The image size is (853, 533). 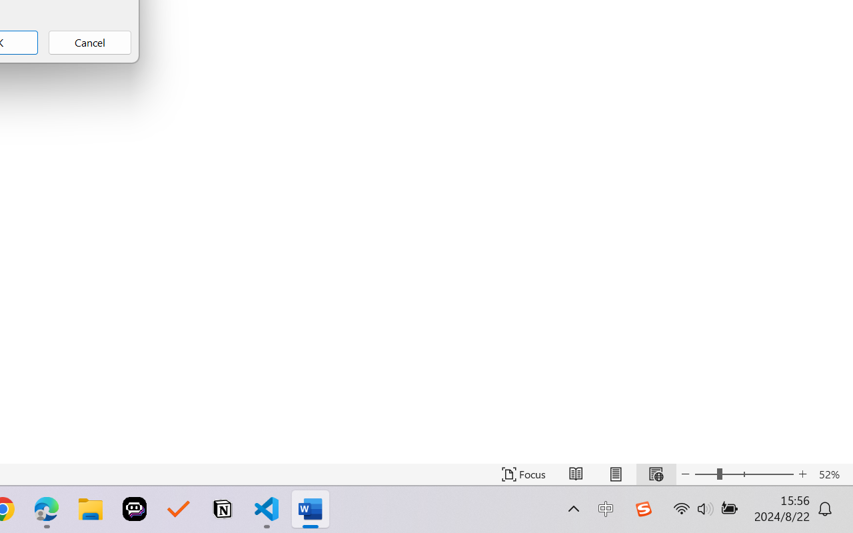 I want to click on 'Read Mode', so click(x=576, y=474).